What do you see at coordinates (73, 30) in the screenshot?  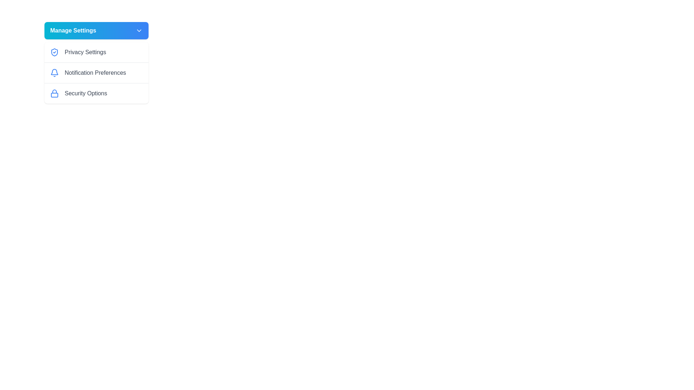 I see `the bold-text button labeled 'Manage Settings' which has a white font on a gradient blue background and is positioned above a dropdown menu` at bounding box center [73, 30].